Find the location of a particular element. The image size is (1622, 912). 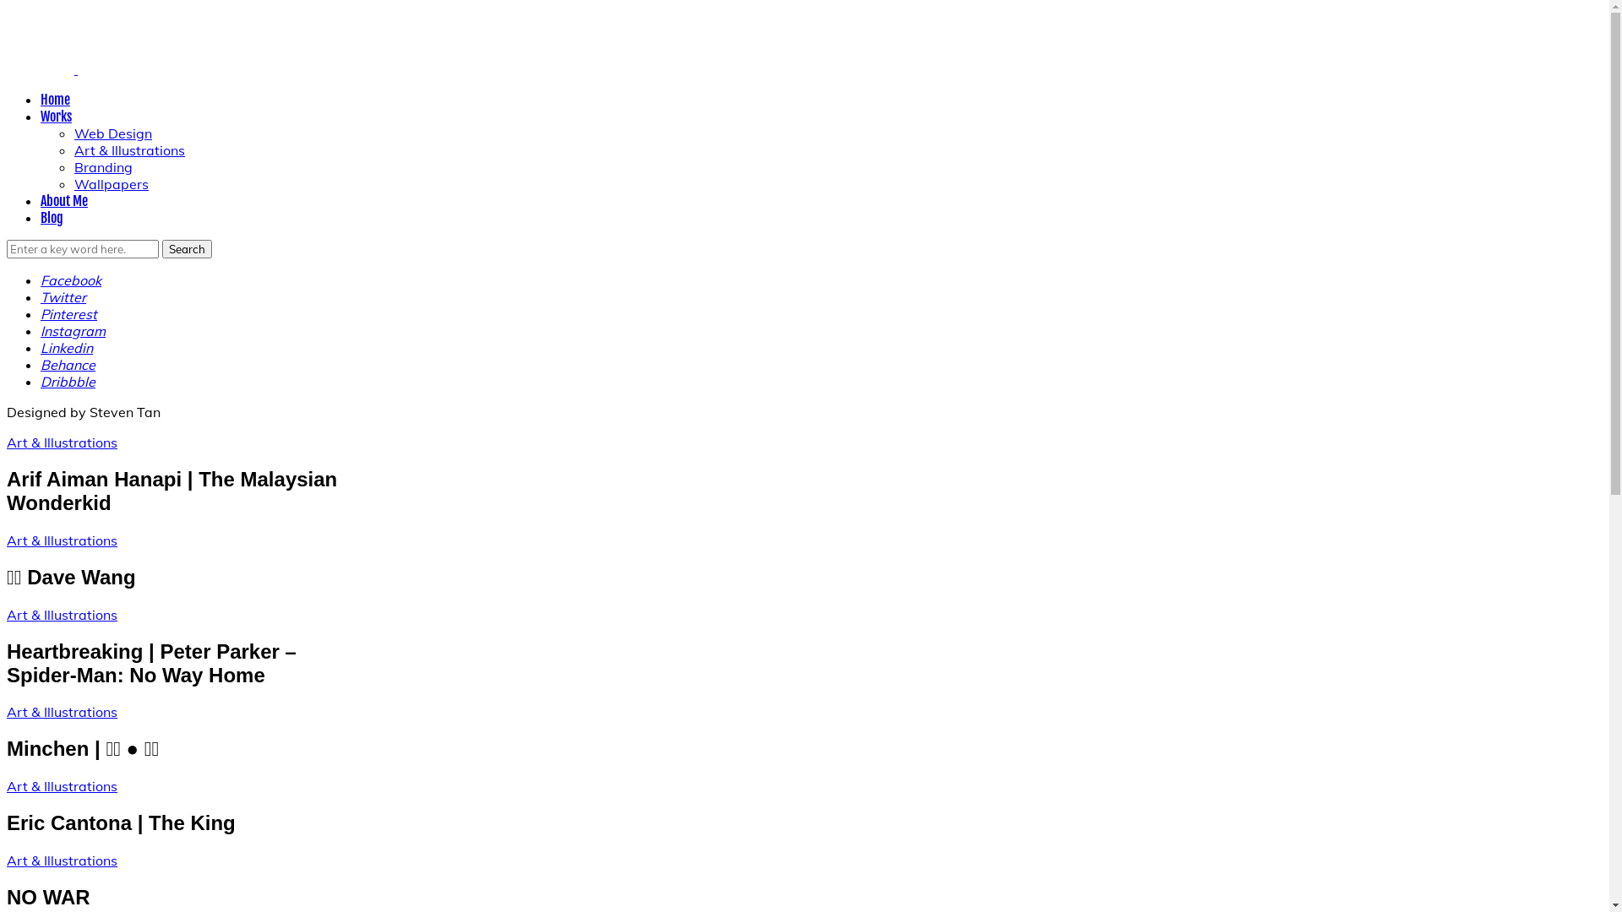

'Art & Illustrations' is located at coordinates (62, 712).